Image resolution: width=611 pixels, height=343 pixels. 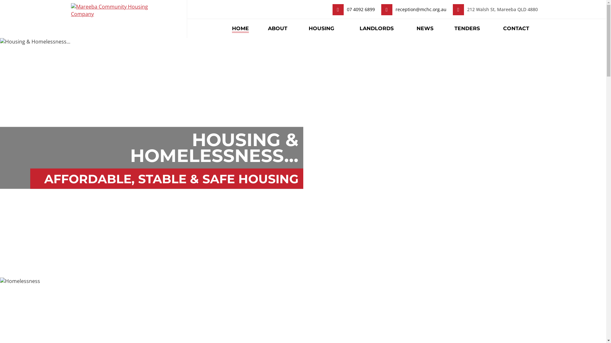 What do you see at coordinates (361, 9) in the screenshot?
I see `'07 4092 6899'` at bounding box center [361, 9].